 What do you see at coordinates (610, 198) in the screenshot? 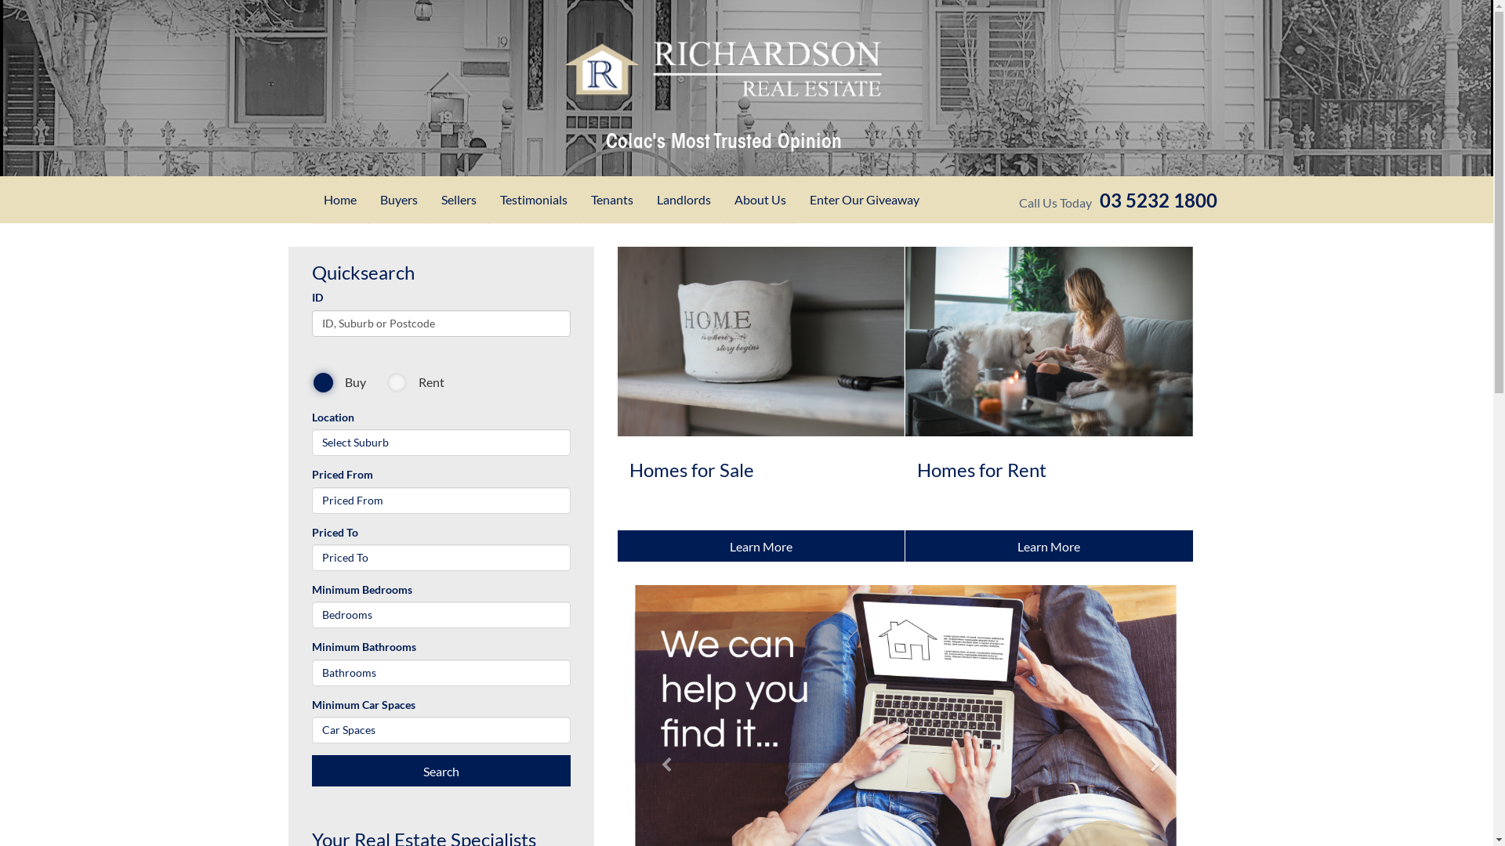
I see `'Tenants'` at bounding box center [610, 198].